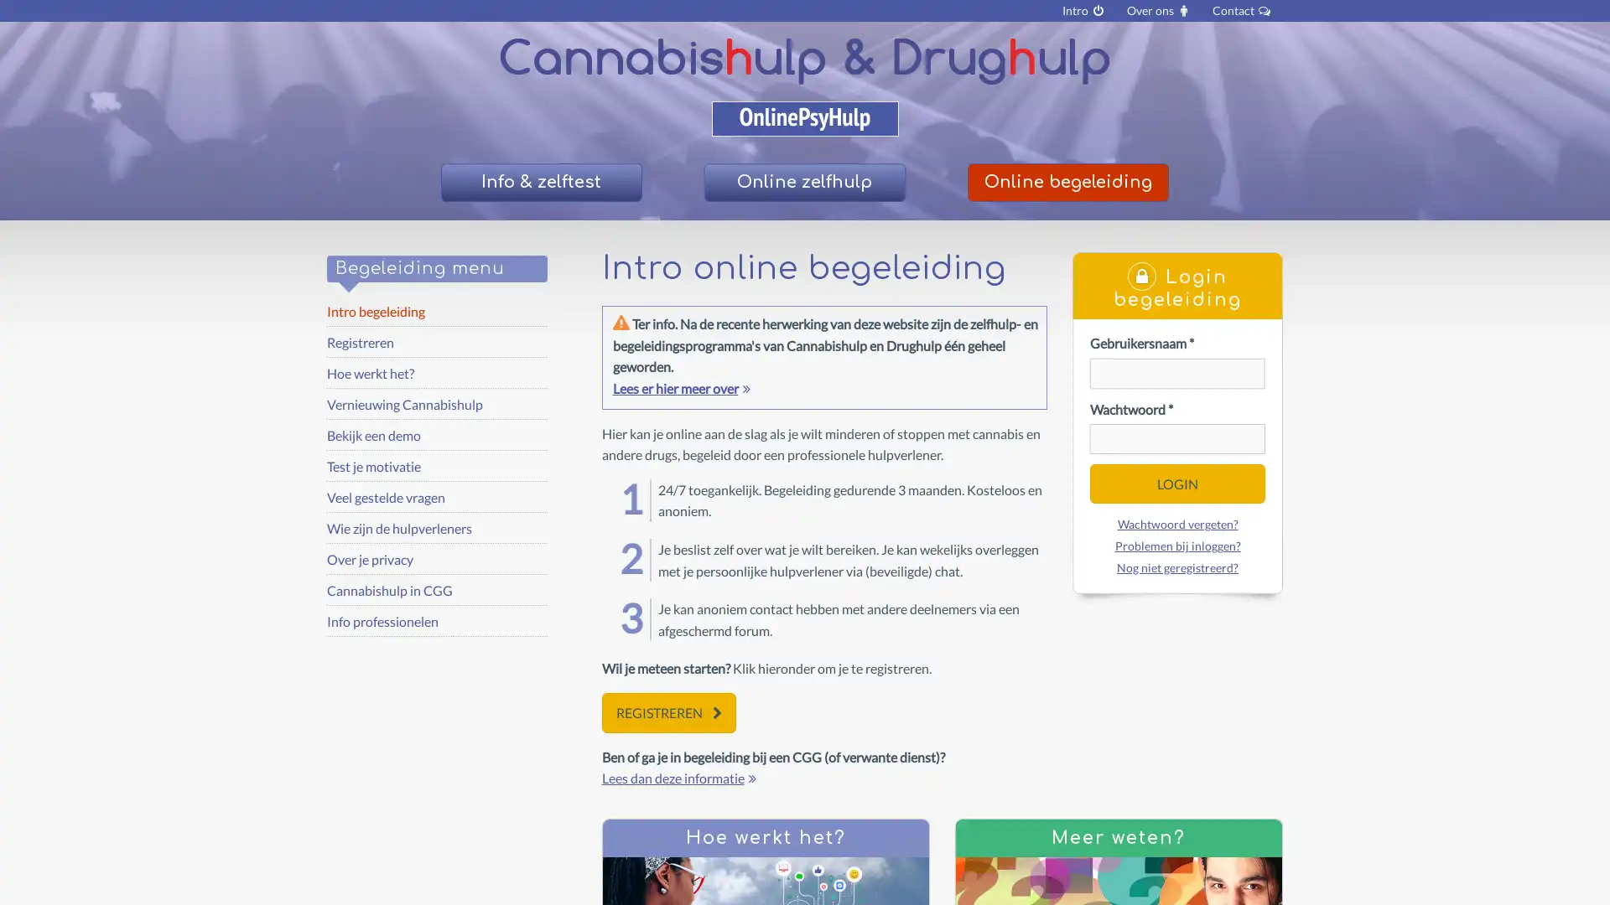 This screenshot has width=1610, height=905. Describe the element at coordinates (540, 184) in the screenshot. I see `Info & zelftest` at that location.